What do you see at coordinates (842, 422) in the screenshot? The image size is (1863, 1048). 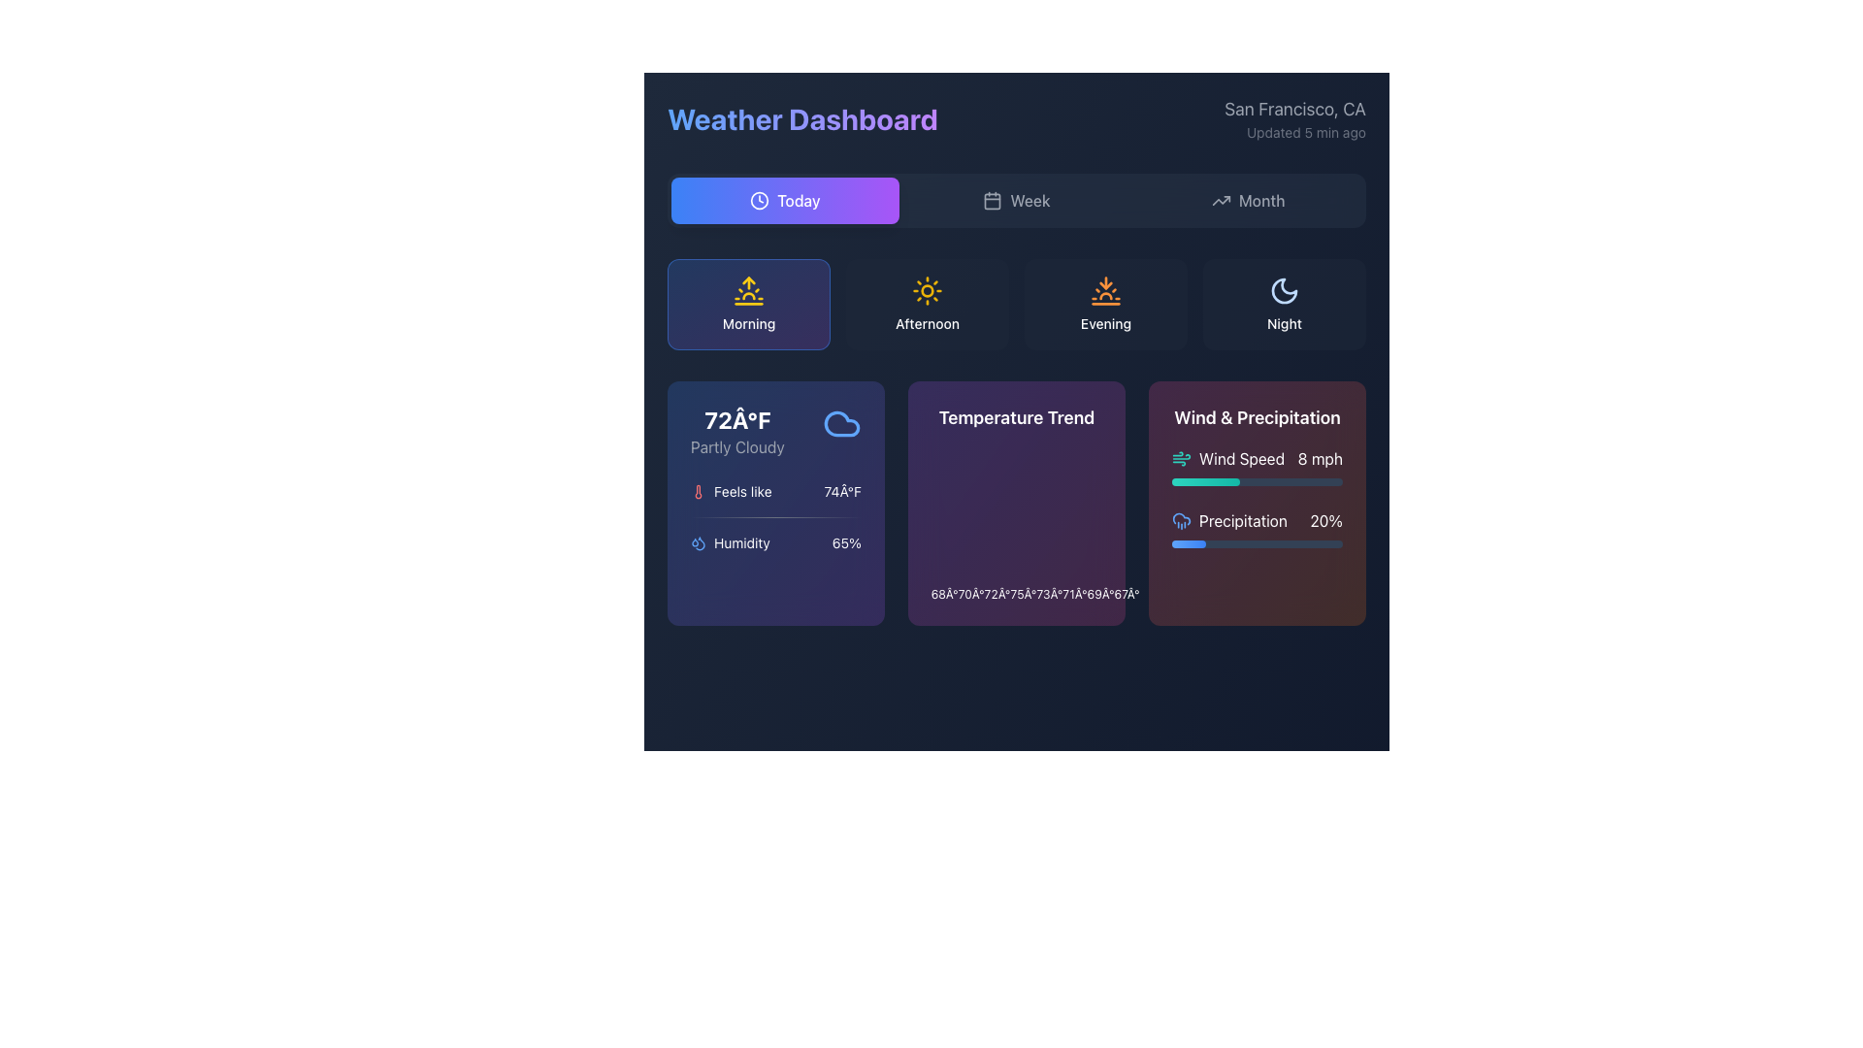 I see `the cloudiness icon located in the top right corner of the 'Partly Cloudy' section of the weather dashboard, which visually represents the current weather condition` at bounding box center [842, 422].